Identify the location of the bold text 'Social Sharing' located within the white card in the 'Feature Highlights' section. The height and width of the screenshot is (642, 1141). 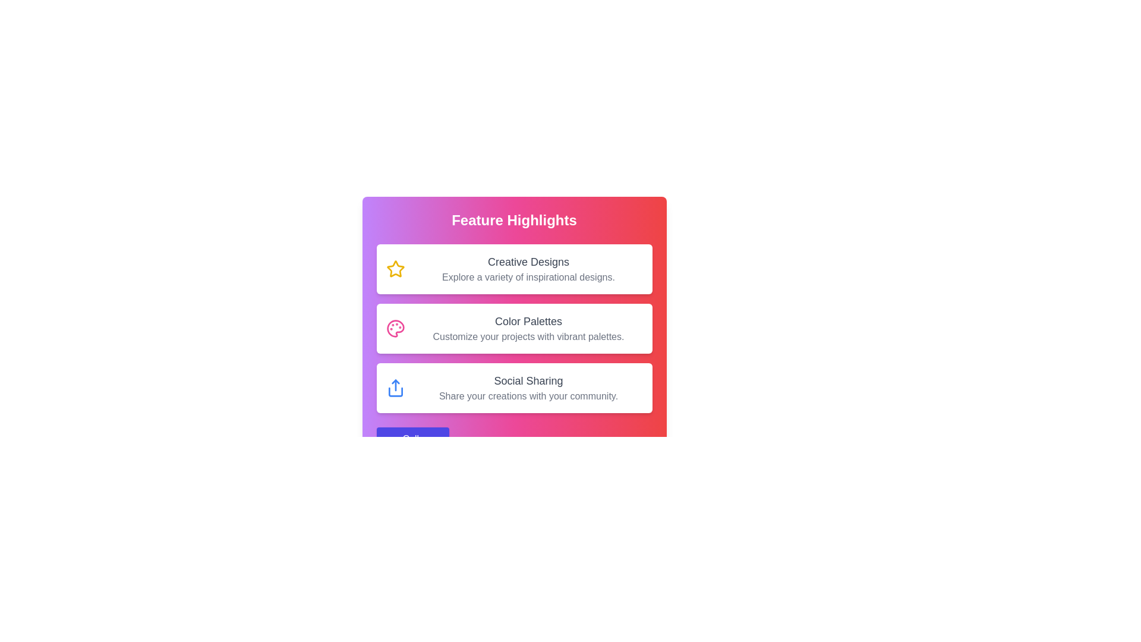
(528, 380).